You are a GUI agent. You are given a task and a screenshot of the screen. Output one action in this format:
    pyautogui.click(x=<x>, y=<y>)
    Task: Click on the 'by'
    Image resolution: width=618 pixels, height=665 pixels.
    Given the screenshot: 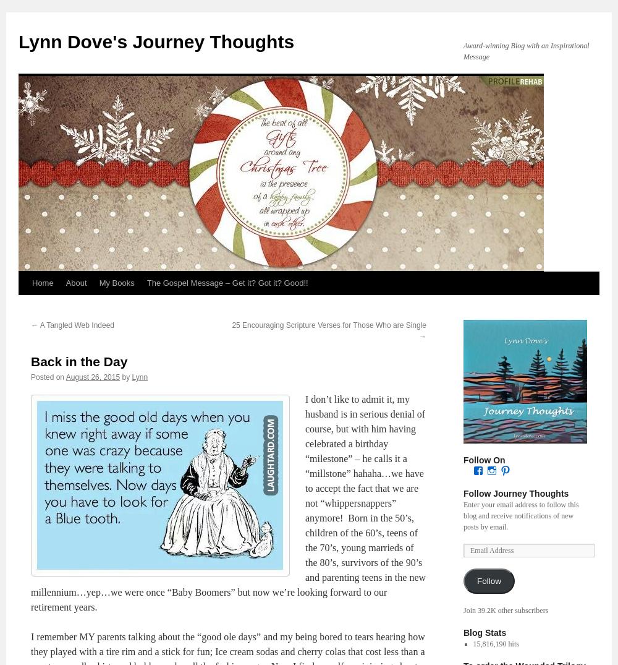 What is the action you would take?
    pyautogui.click(x=121, y=376)
    